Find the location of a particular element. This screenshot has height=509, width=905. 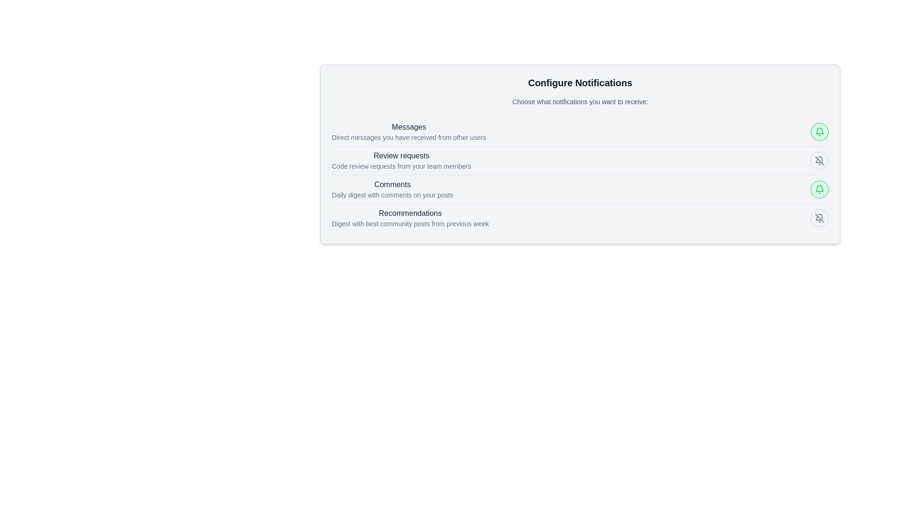

the circular button with a light gray background and a bell icon indicating notifications are disabled, located at the far right of the Recommendations Digest section is located at coordinates (819, 218).